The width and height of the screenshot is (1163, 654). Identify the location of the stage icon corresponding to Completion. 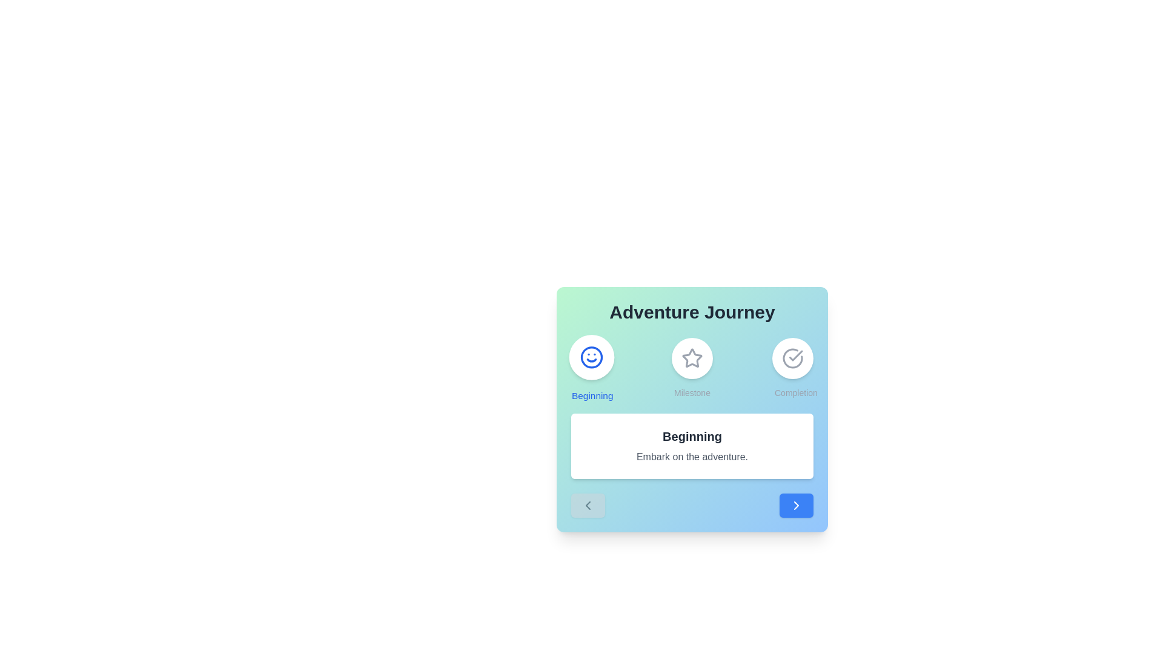
(793, 368).